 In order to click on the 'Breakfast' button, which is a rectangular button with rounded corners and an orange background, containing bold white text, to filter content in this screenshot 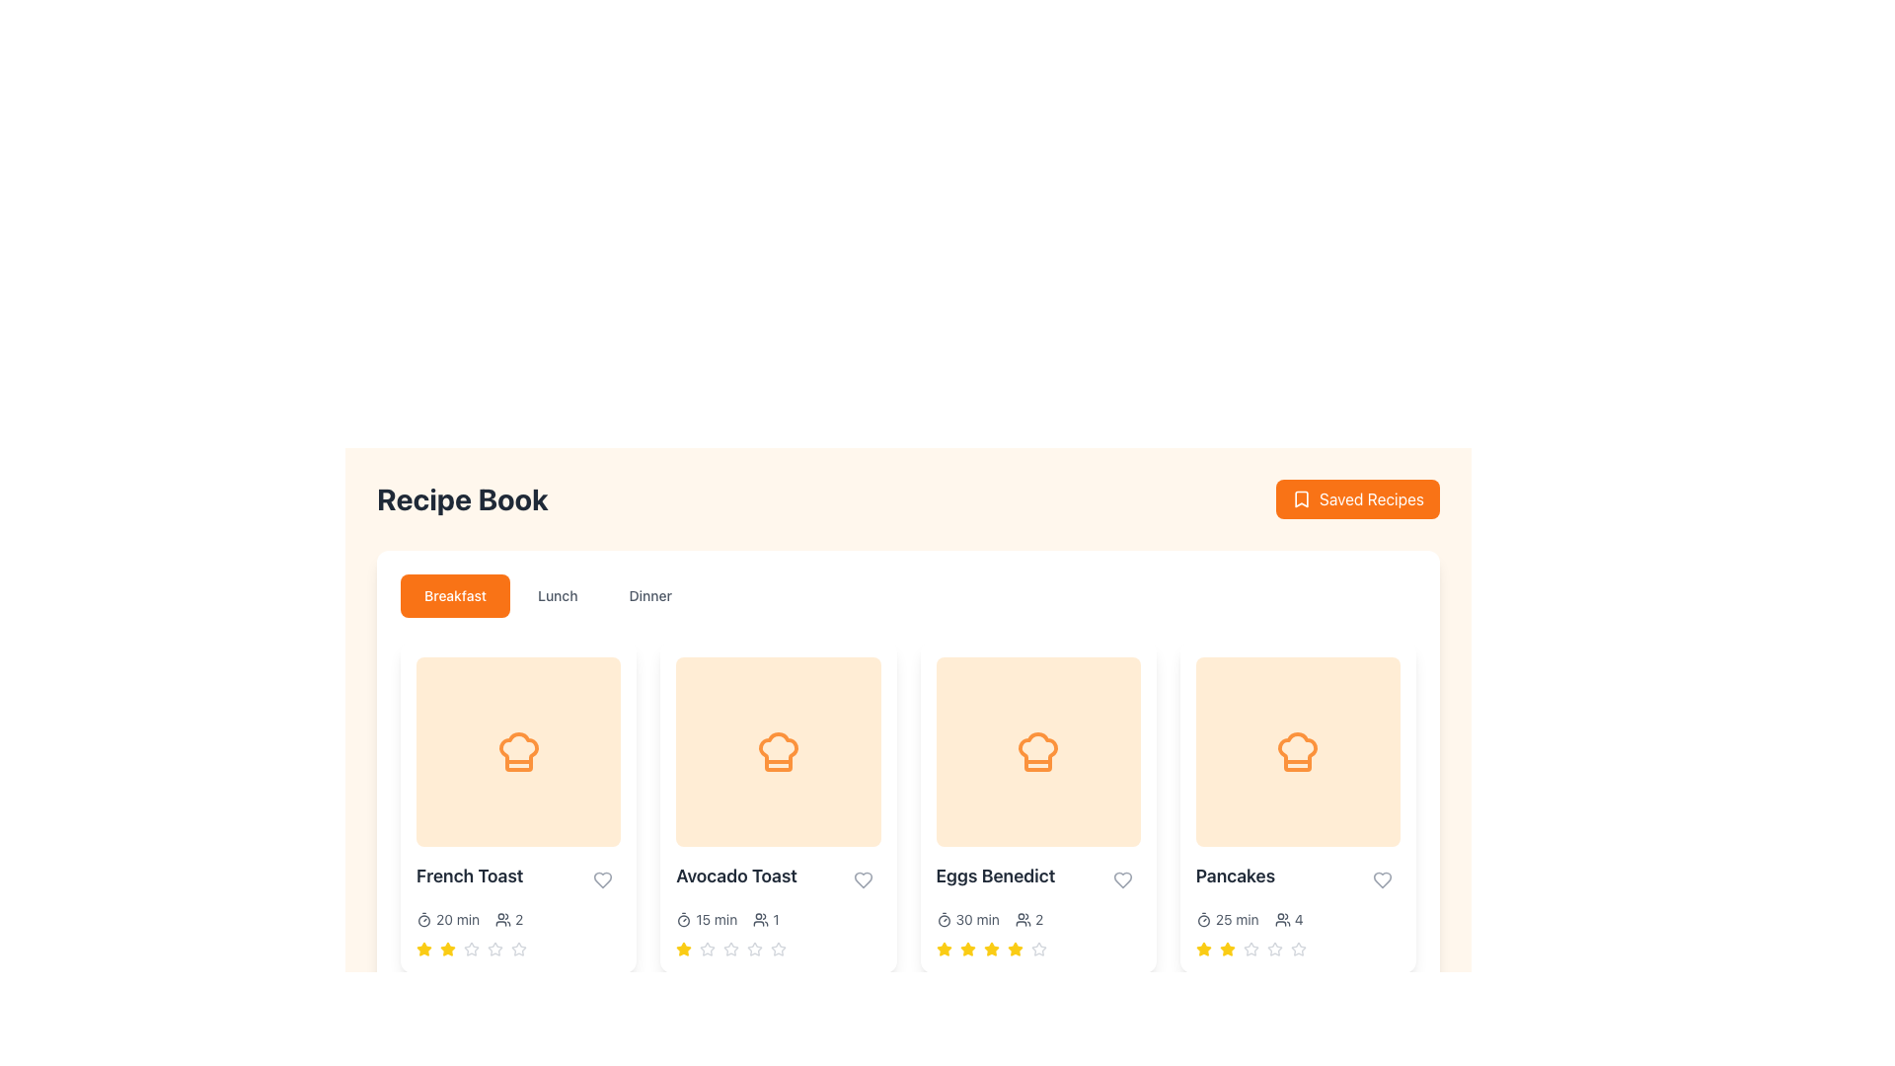, I will do `click(454, 595)`.